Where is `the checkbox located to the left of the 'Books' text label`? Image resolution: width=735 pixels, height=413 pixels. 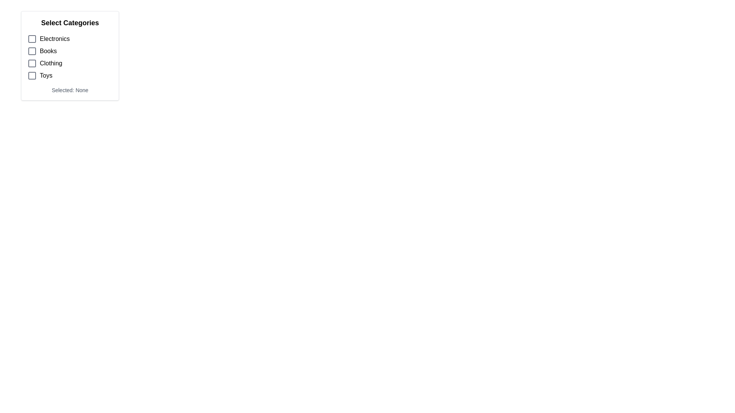 the checkbox located to the left of the 'Books' text label is located at coordinates (31, 51).